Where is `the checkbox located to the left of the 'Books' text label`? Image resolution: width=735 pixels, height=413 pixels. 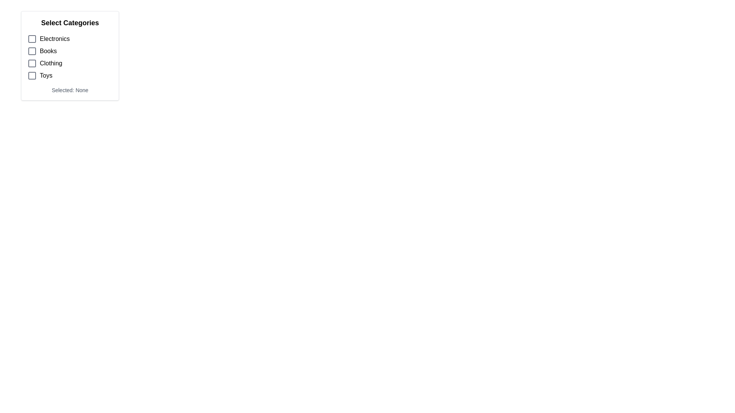 the checkbox located to the left of the 'Books' text label is located at coordinates (31, 51).